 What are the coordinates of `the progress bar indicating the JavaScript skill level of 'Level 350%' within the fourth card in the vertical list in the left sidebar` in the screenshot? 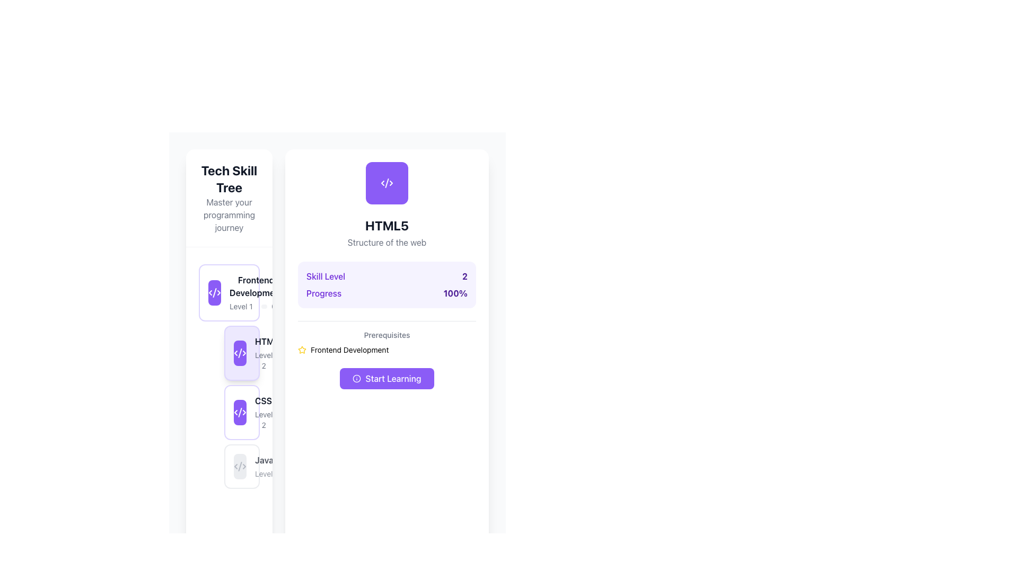 It's located at (282, 466).